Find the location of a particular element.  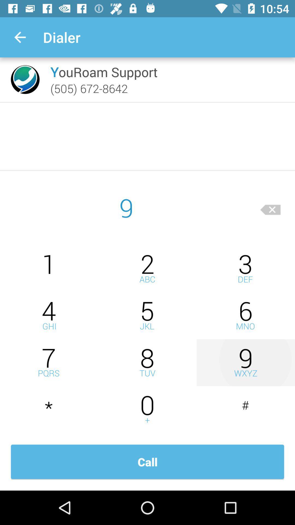

backspace is located at coordinates (270, 207).